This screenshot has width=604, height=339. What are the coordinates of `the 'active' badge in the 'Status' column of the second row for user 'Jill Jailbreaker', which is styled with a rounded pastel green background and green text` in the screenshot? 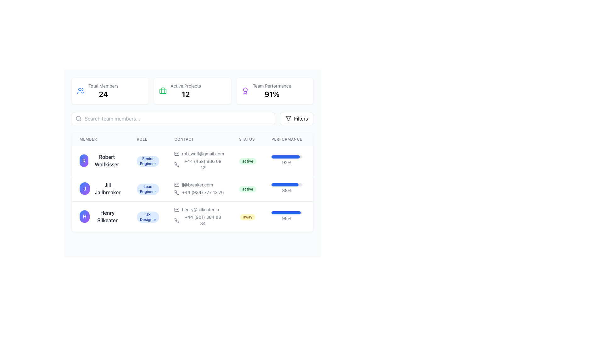 It's located at (247, 189).